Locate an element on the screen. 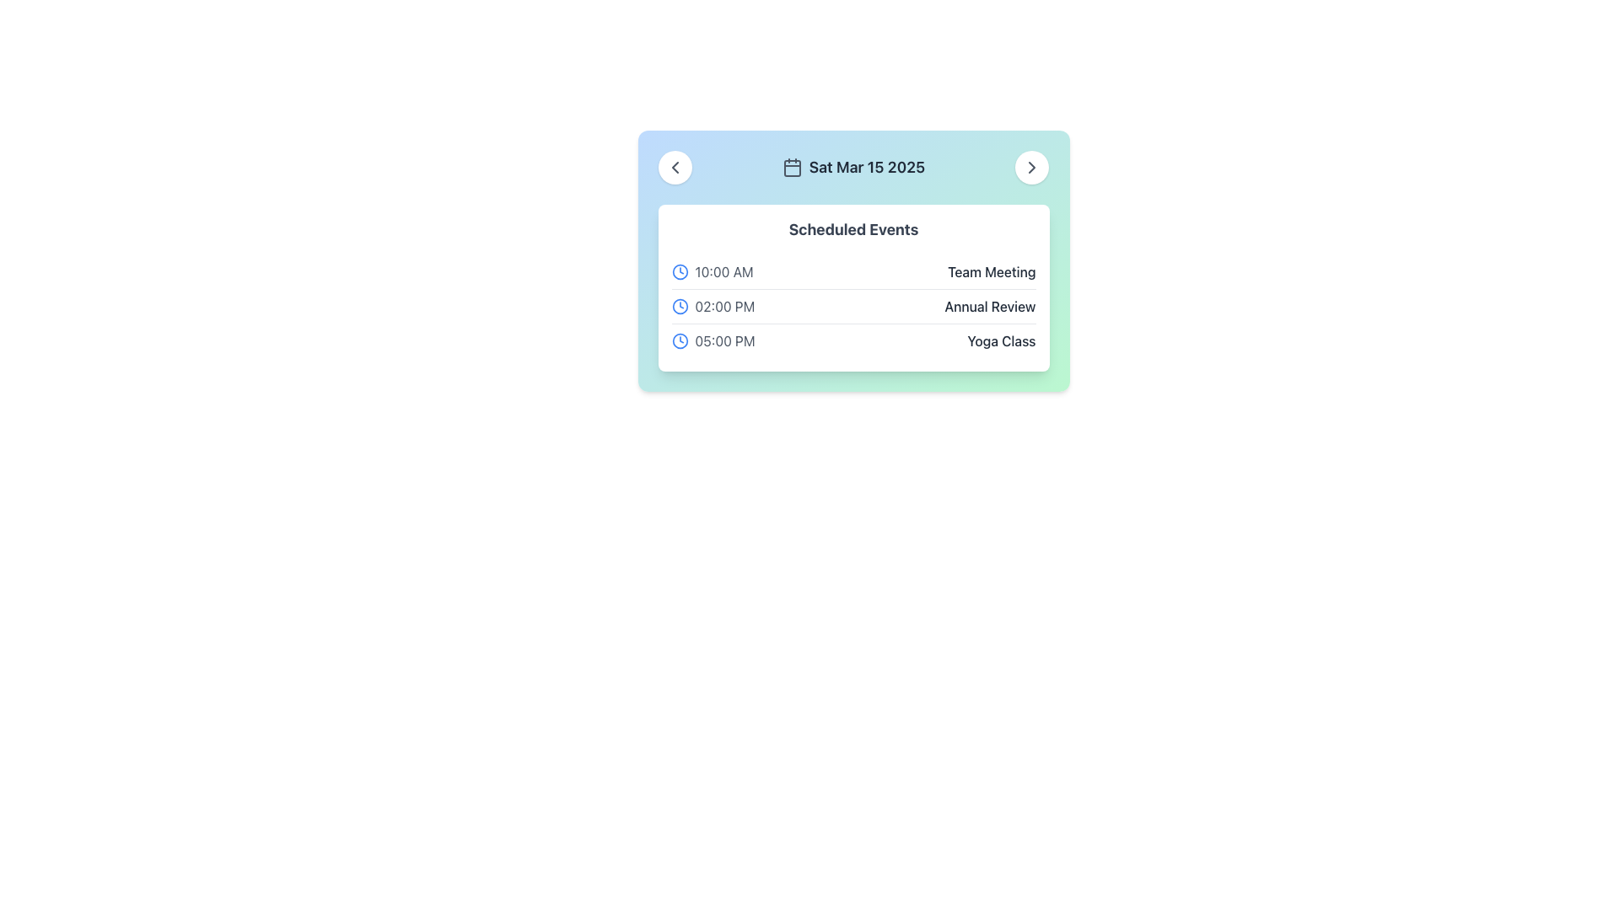  the central rounded rectangle SVG element located within the calendar icon is located at coordinates (791, 169).